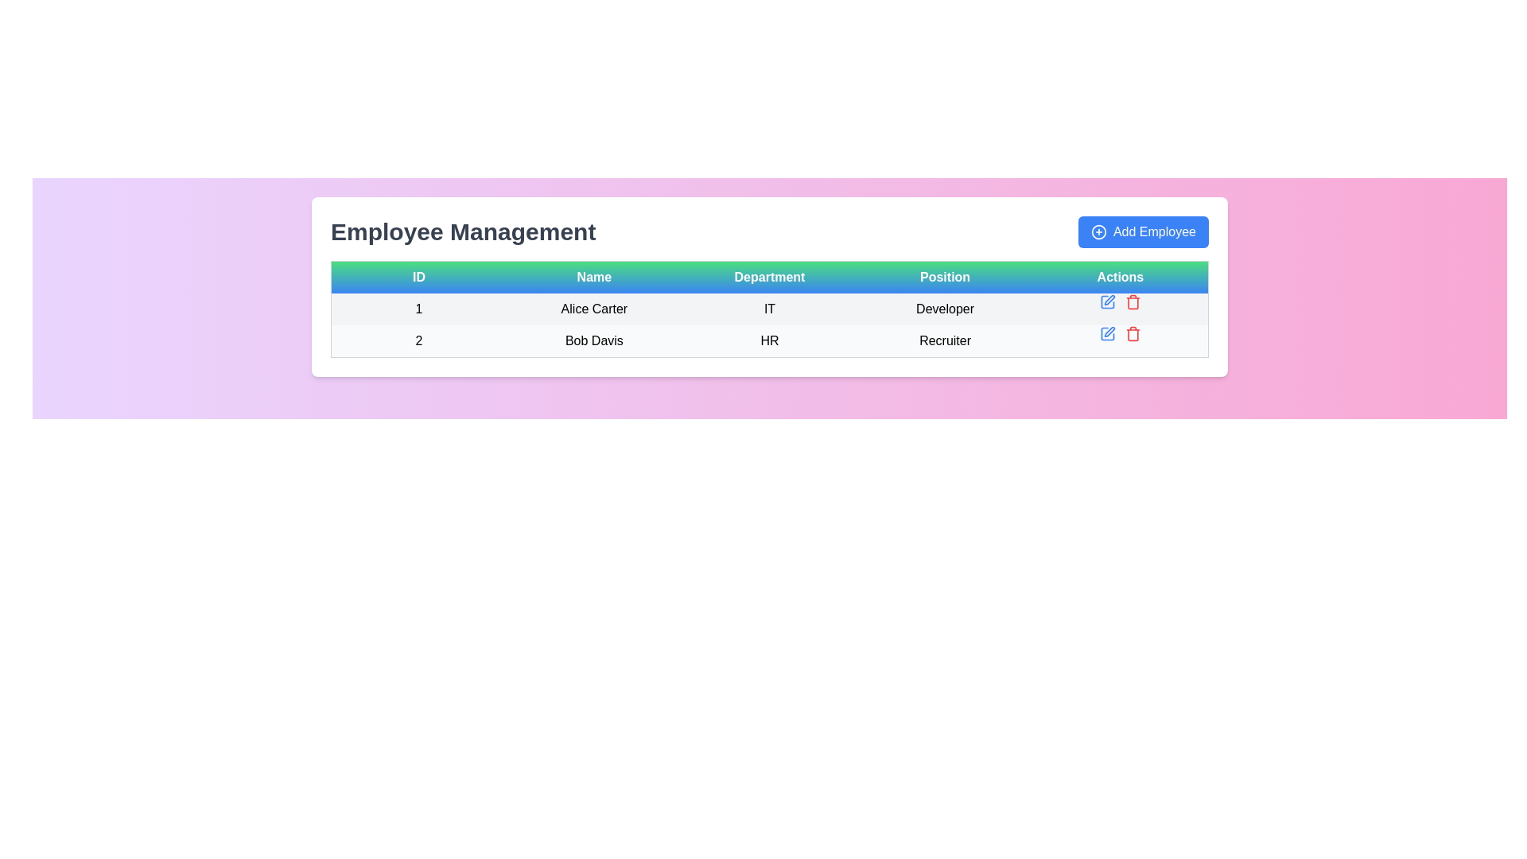 The image size is (1527, 859). What do you see at coordinates (593, 340) in the screenshot?
I see `the text label displaying the name of the employee 'Bob Davis' located in the second row under the 'Name' column of the employee management table` at bounding box center [593, 340].